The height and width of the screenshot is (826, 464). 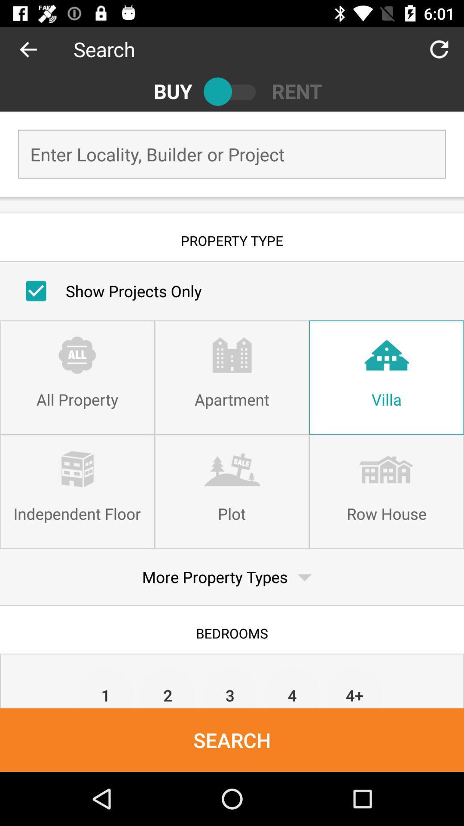 I want to click on locality builder or project, so click(x=232, y=154).